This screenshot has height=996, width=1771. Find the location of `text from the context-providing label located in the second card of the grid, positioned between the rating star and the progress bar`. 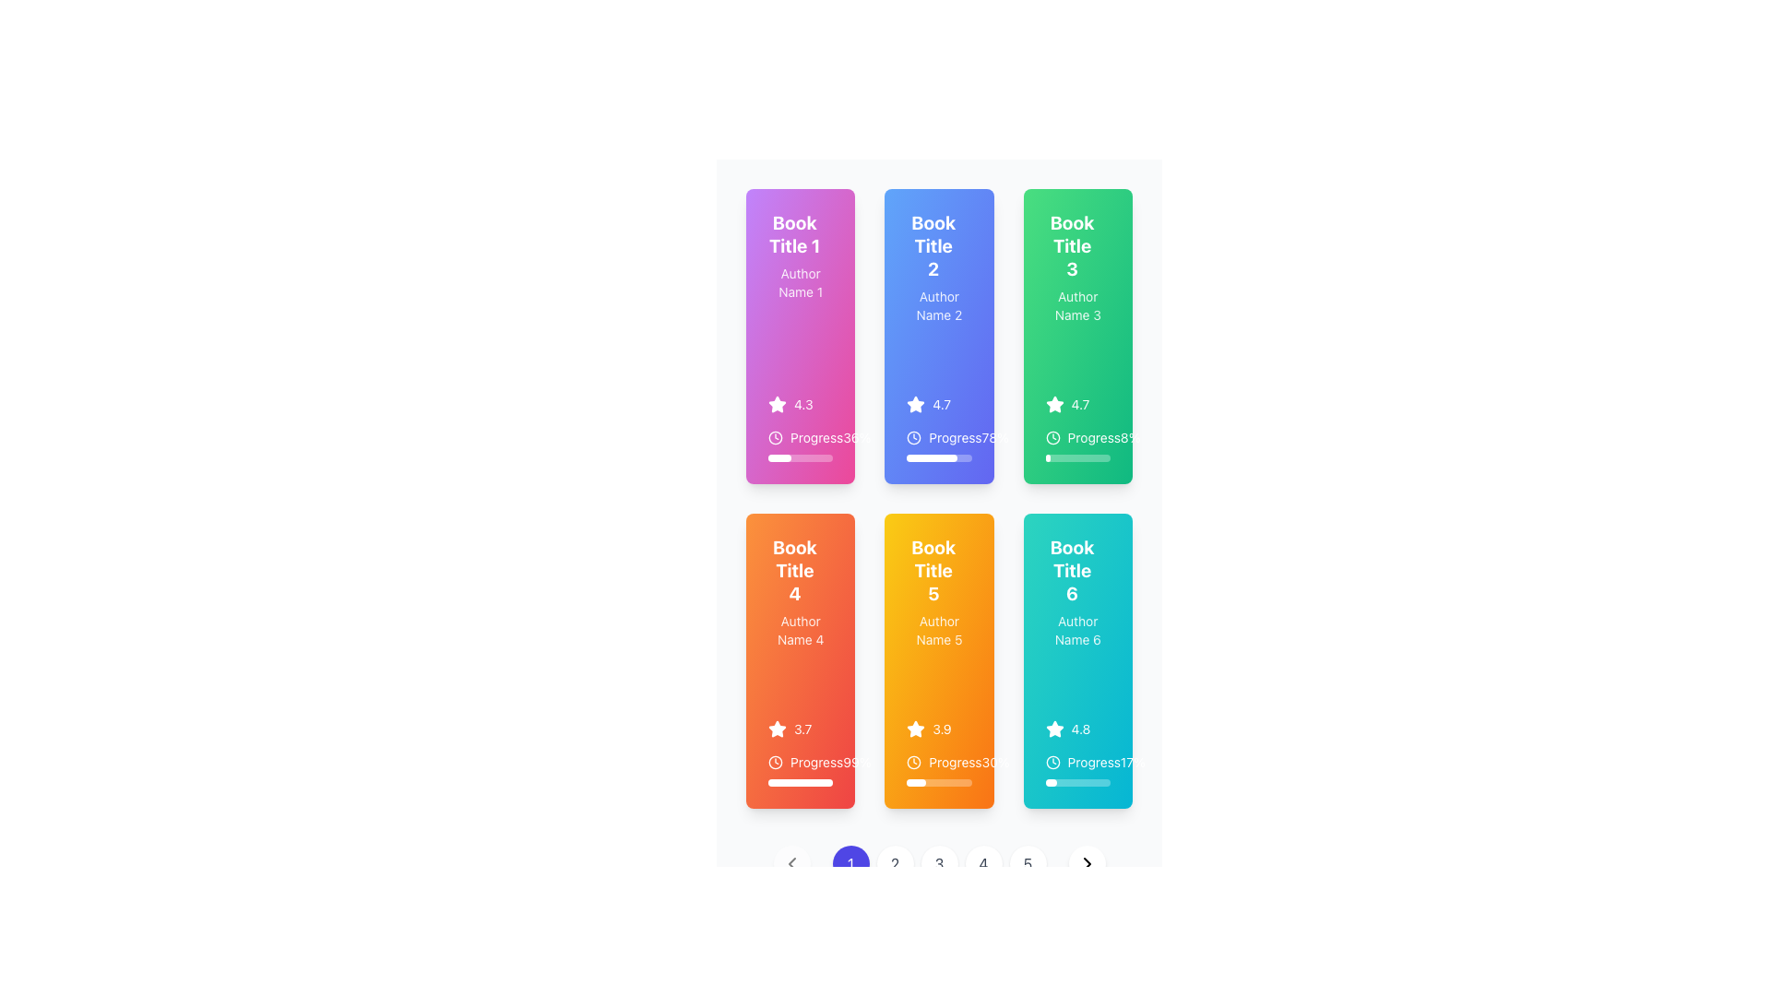

text from the context-providing label located in the second card of the grid, positioned between the rating star and the progress bar is located at coordinates (956, 437).